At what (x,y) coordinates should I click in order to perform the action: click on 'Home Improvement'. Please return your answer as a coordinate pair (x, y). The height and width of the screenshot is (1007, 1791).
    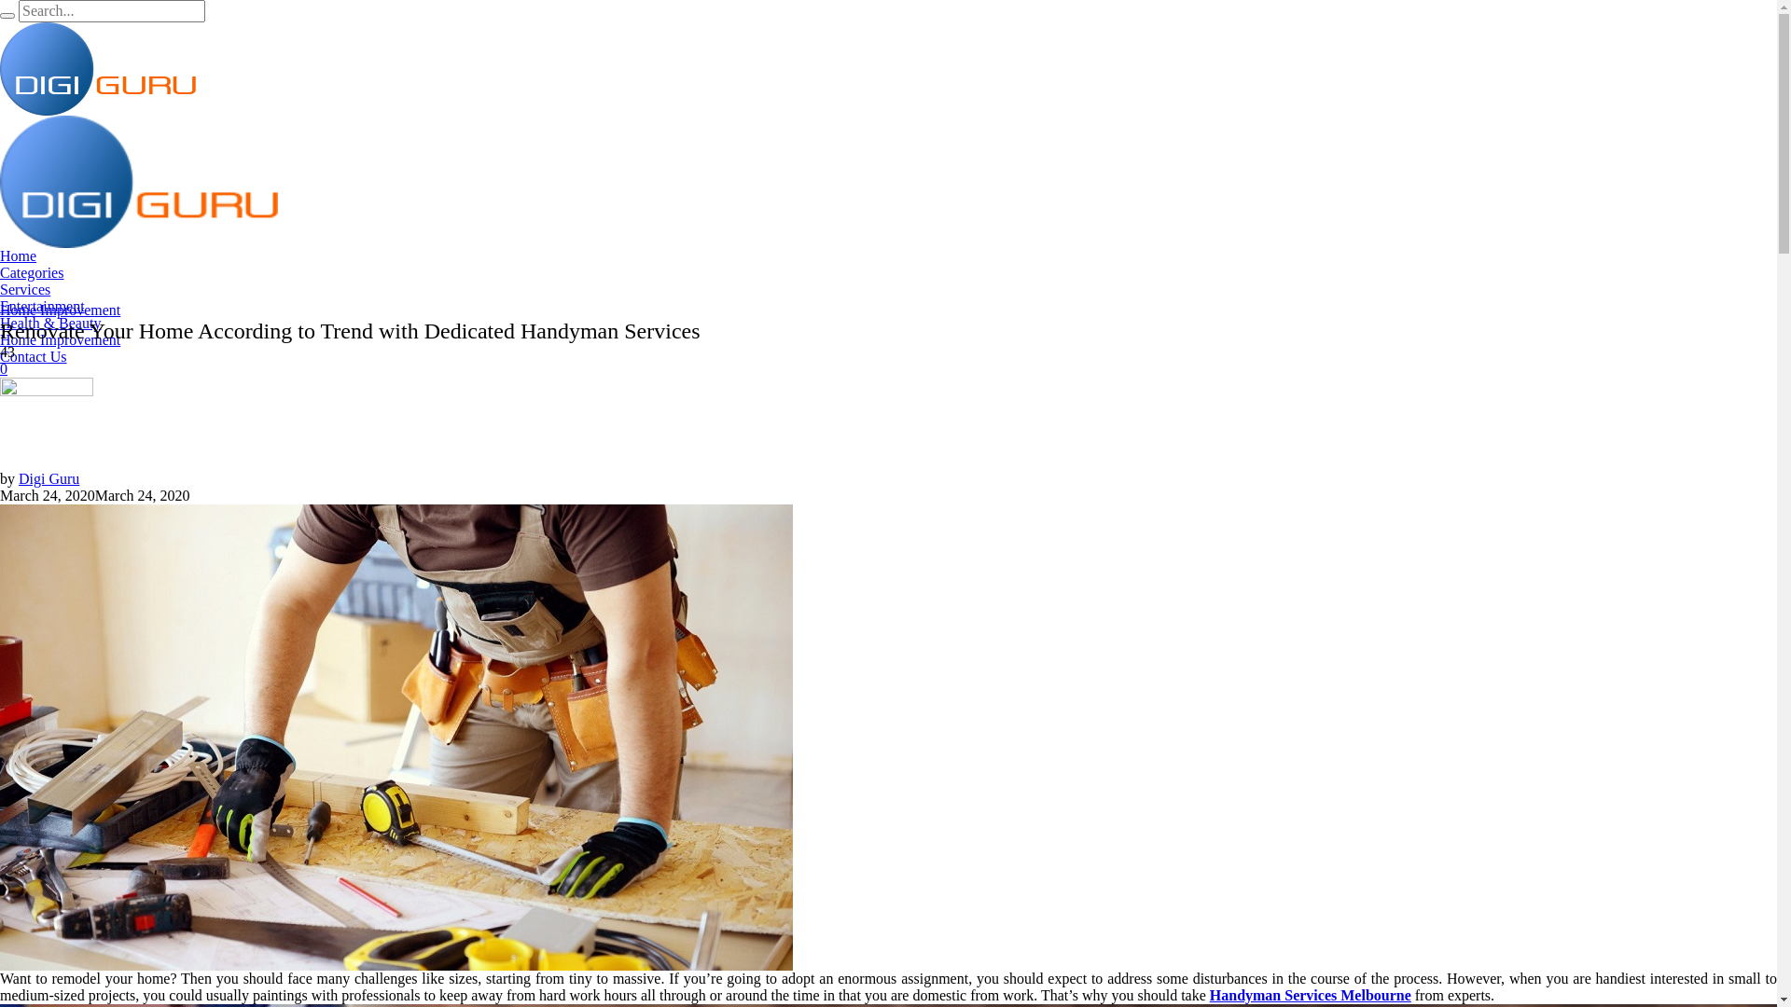
    Looking at the image, I should click on (60, 339).